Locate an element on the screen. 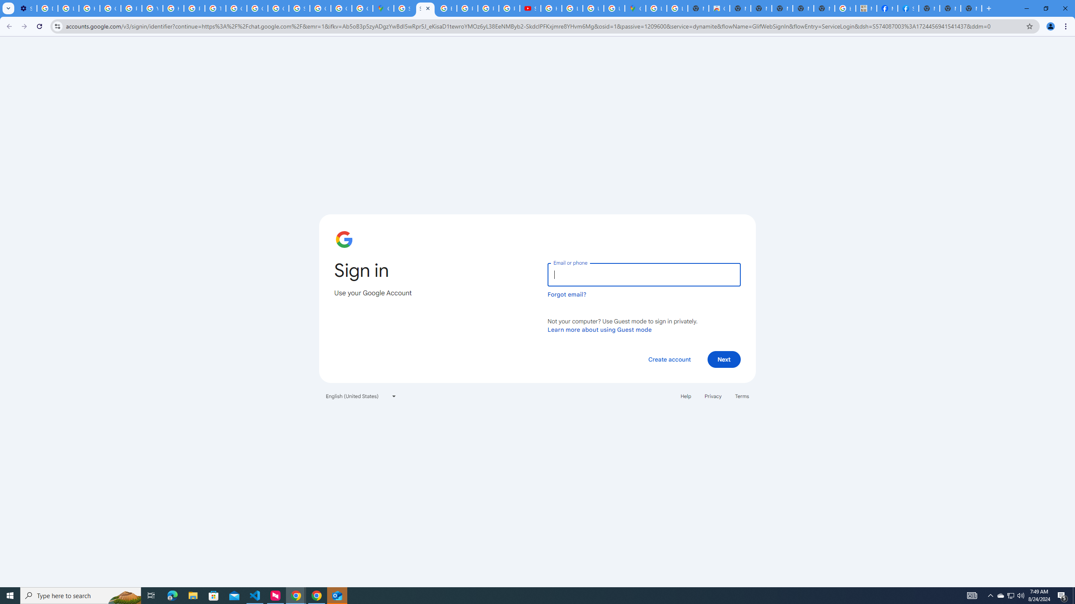 This screenshot has width=1075, height=604. 'Forgot email?' is located at coordinates (566, 294).